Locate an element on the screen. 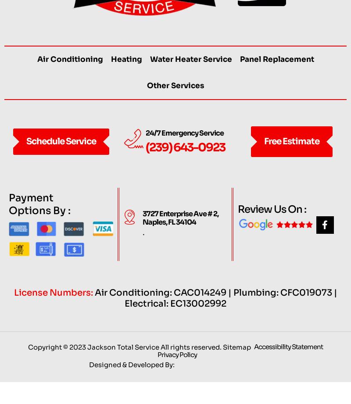 The image size is (351, 404). 'Naples, FL 34104' is located at coordinates (168, 239).